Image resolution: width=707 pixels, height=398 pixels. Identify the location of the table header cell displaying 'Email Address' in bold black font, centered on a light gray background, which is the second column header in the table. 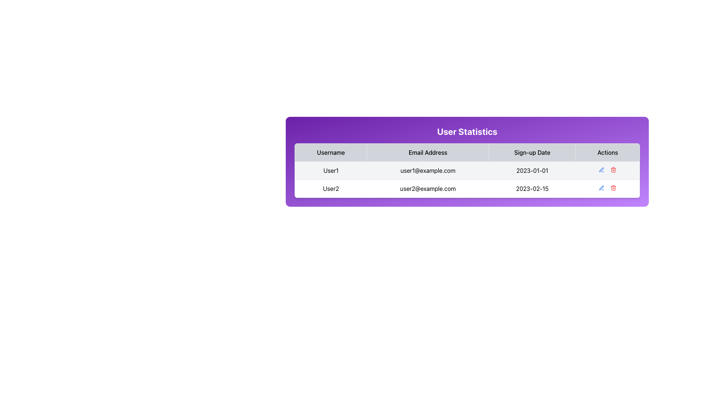
(428, 152).